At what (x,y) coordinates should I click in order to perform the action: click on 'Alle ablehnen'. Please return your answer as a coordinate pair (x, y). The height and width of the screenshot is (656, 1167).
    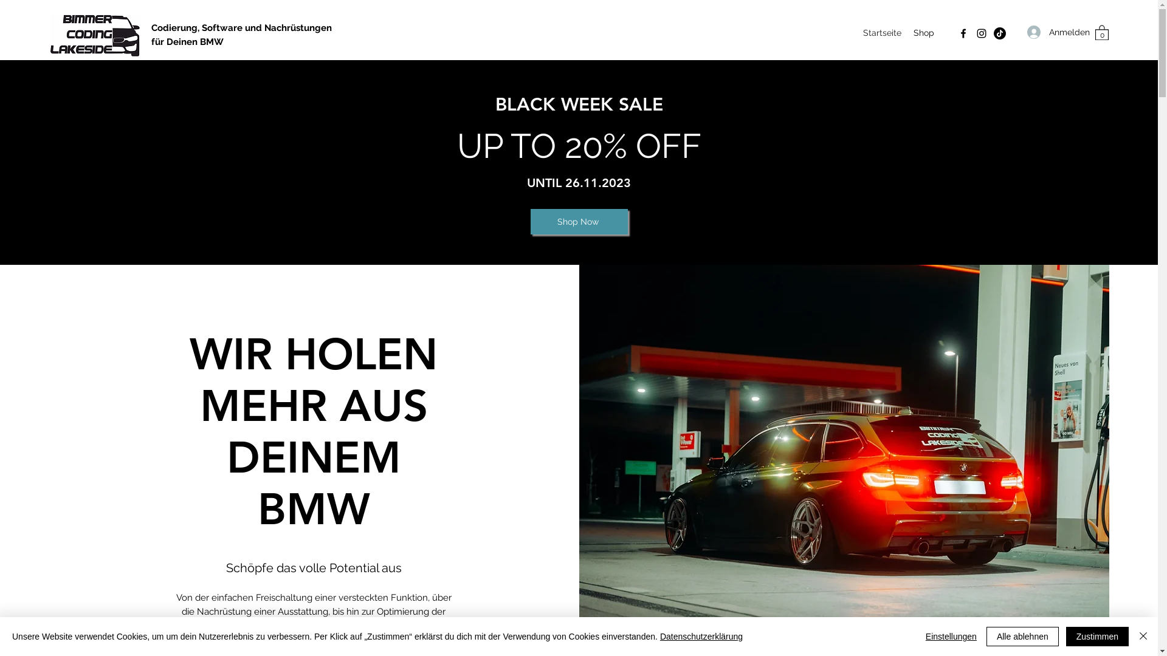
    Looking at the image, I should click on (1022, 636).